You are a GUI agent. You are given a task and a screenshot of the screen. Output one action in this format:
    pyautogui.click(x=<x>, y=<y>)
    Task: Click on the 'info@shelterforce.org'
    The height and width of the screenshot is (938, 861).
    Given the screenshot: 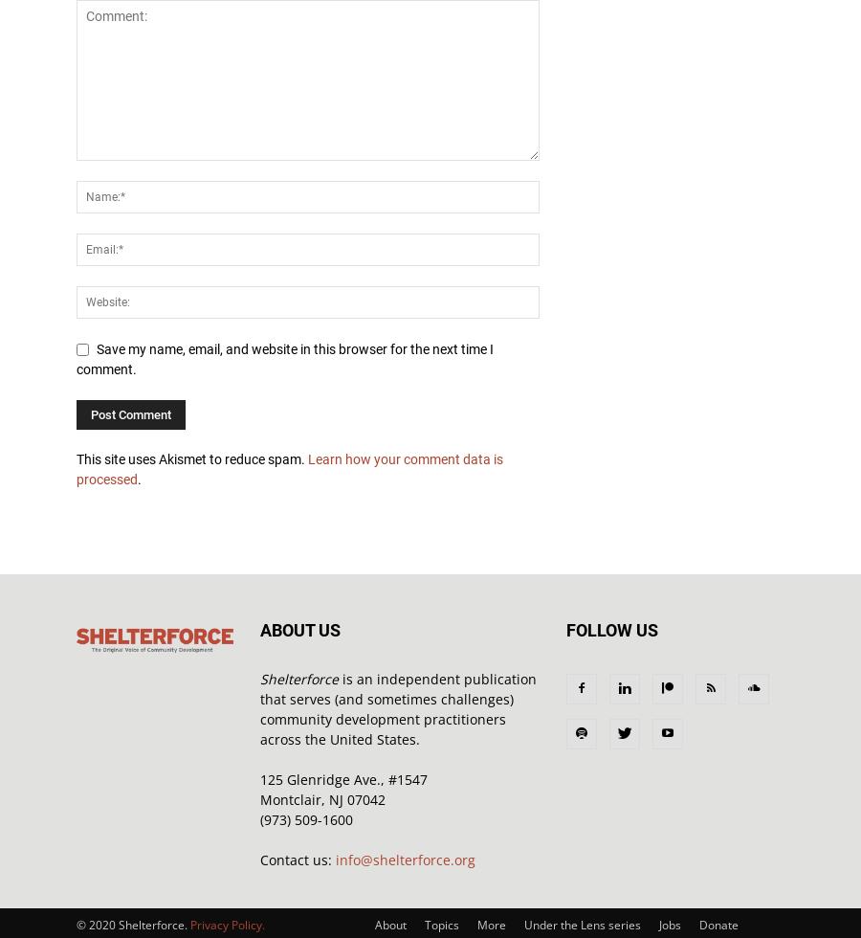 What is the action you would take?
    pyautogui.click(x=405, y=860)
    